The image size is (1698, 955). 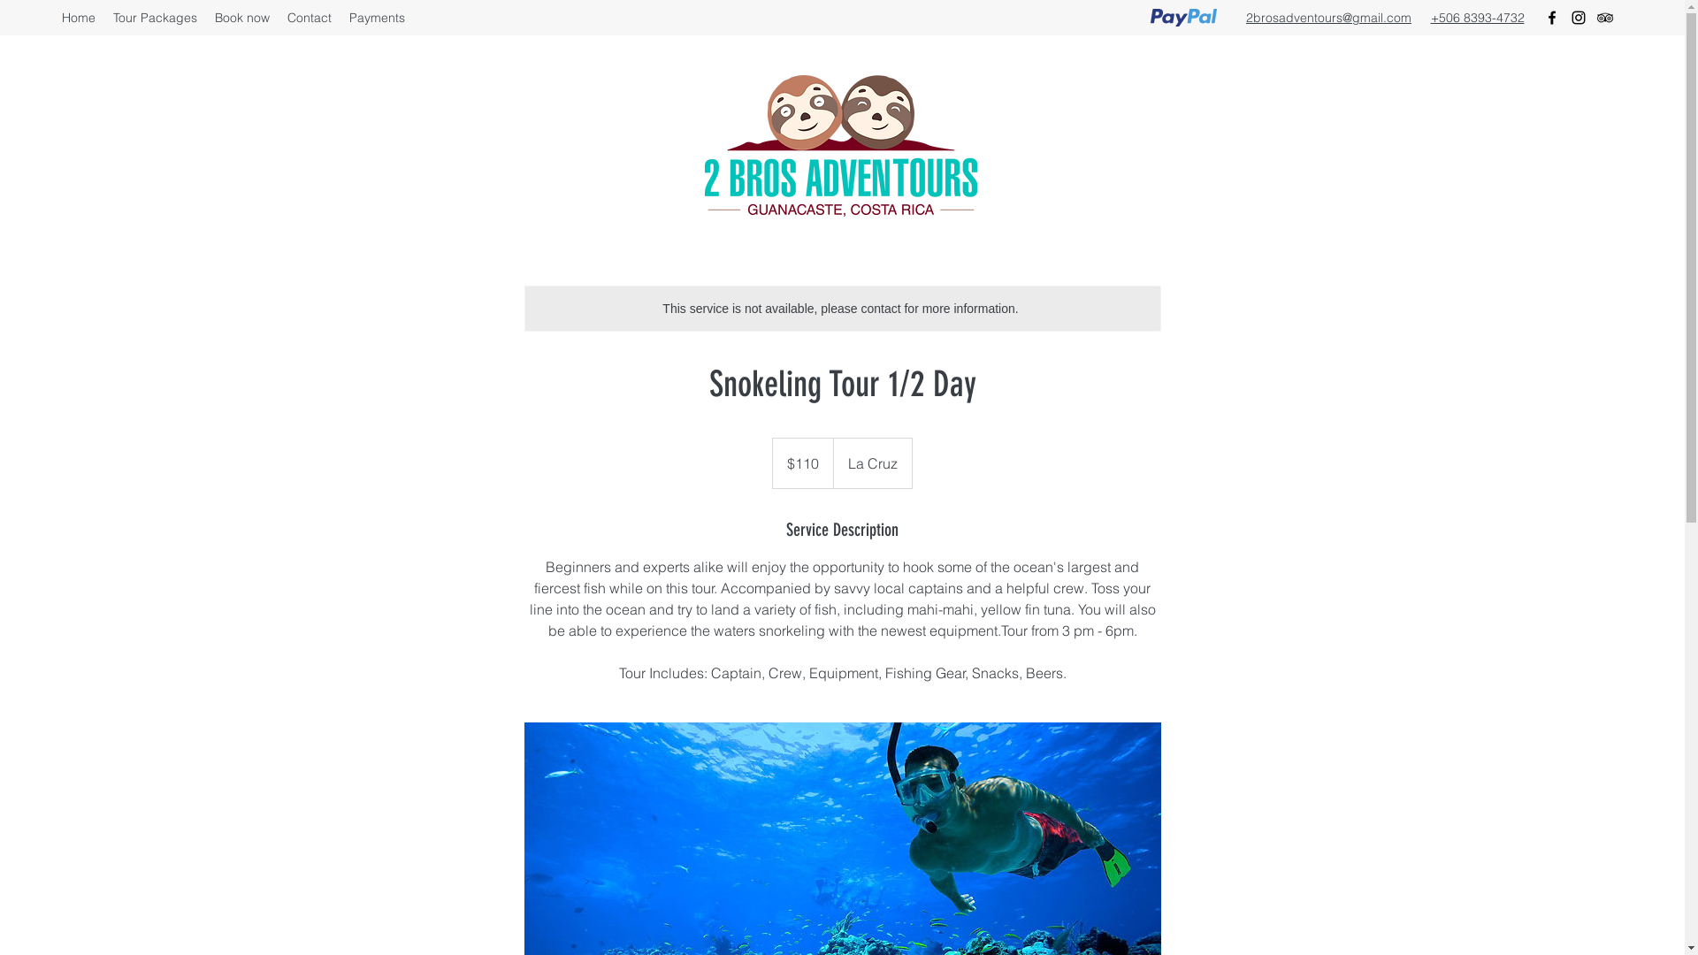 I want to click on 'Contact', so click(x=278, y=17).